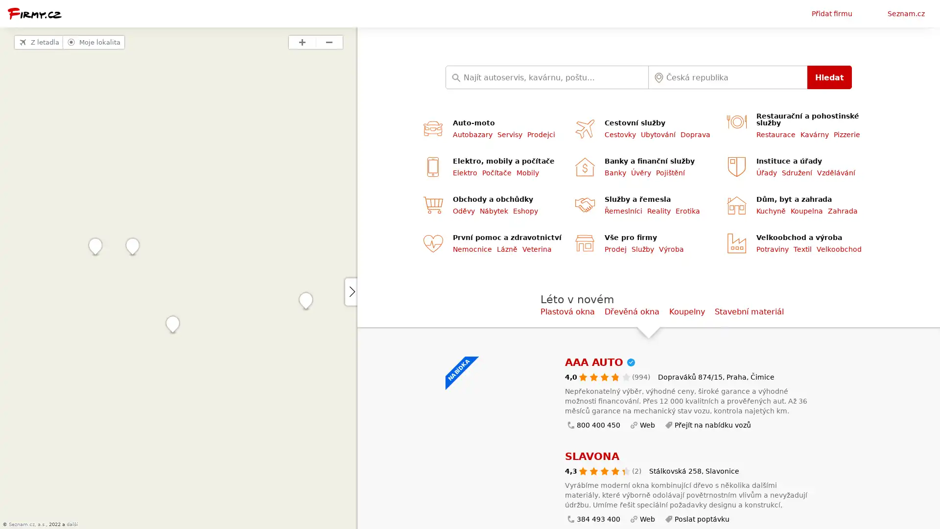  I want to click on Poslat poptavku, so click(695, 519).